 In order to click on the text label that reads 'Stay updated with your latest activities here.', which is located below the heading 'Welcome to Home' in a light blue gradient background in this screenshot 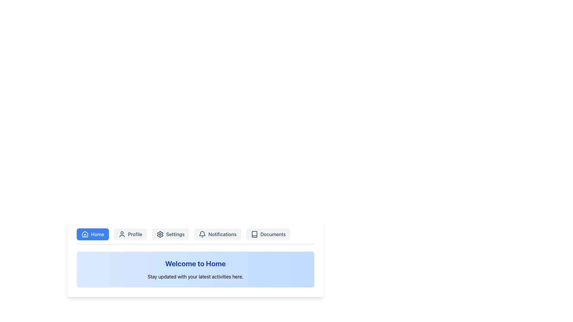, I will do `click(195, 277)`.